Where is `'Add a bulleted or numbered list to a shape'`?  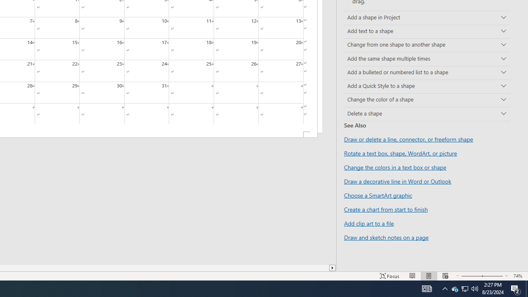 'Add a bulleted or numbered list to a shape' is located at coordinates (427, 73).